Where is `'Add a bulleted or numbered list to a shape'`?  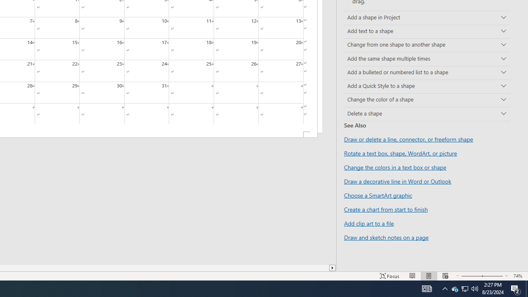 'Add a bulleted or numbered list to a shape' is located at coordinates (427, 73).